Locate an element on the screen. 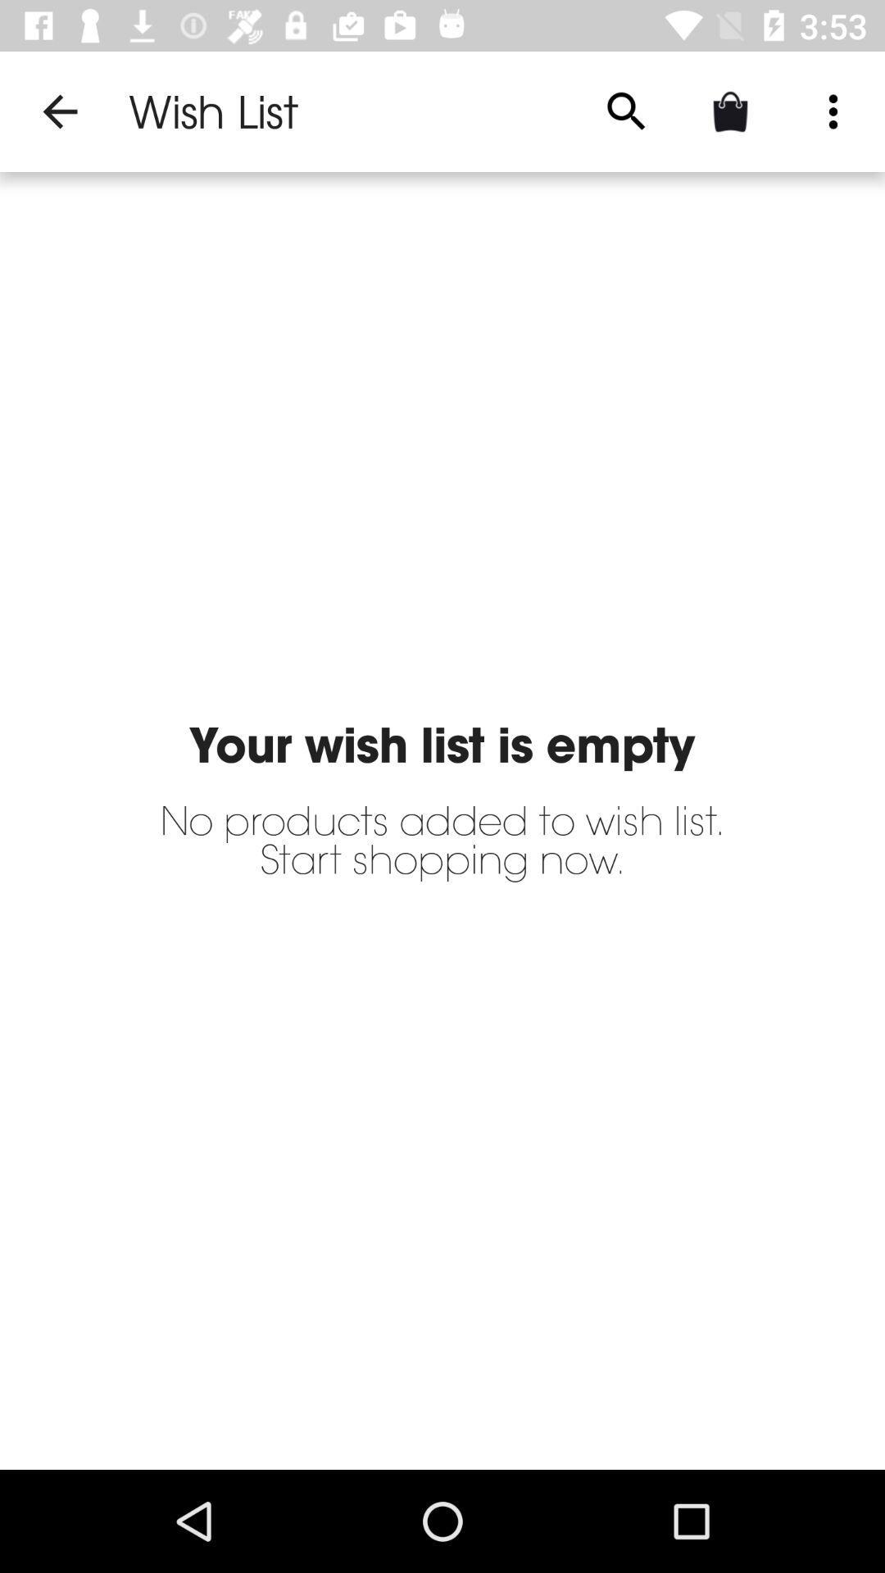  the icon above the your wish list item is located at coordinates (626, 111).